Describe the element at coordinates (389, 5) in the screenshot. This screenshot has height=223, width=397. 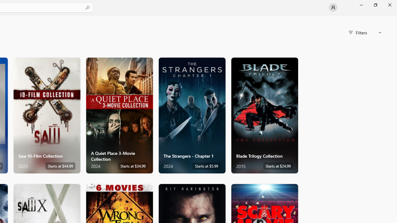
I see `'Close Microsoft Store'` at that location.